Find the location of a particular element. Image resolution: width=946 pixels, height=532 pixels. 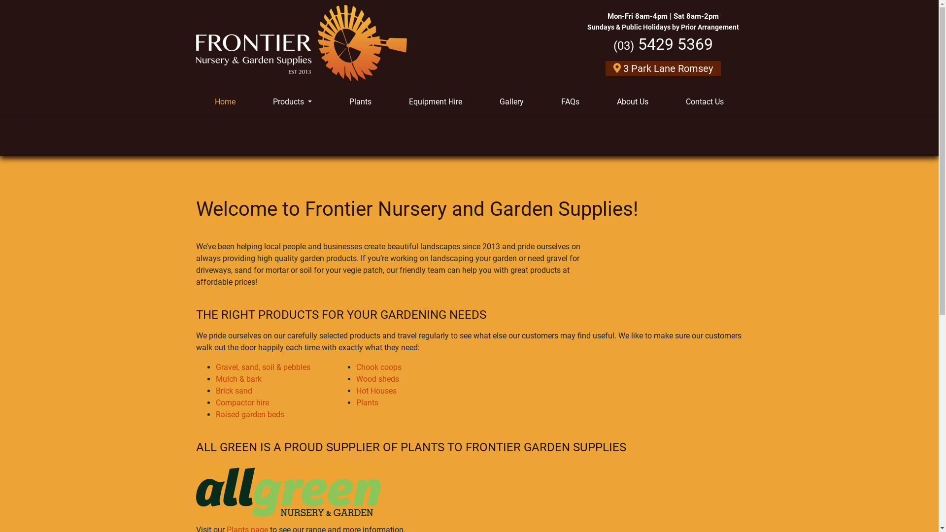

'Brick sand' is located at coordinates (215, 390).